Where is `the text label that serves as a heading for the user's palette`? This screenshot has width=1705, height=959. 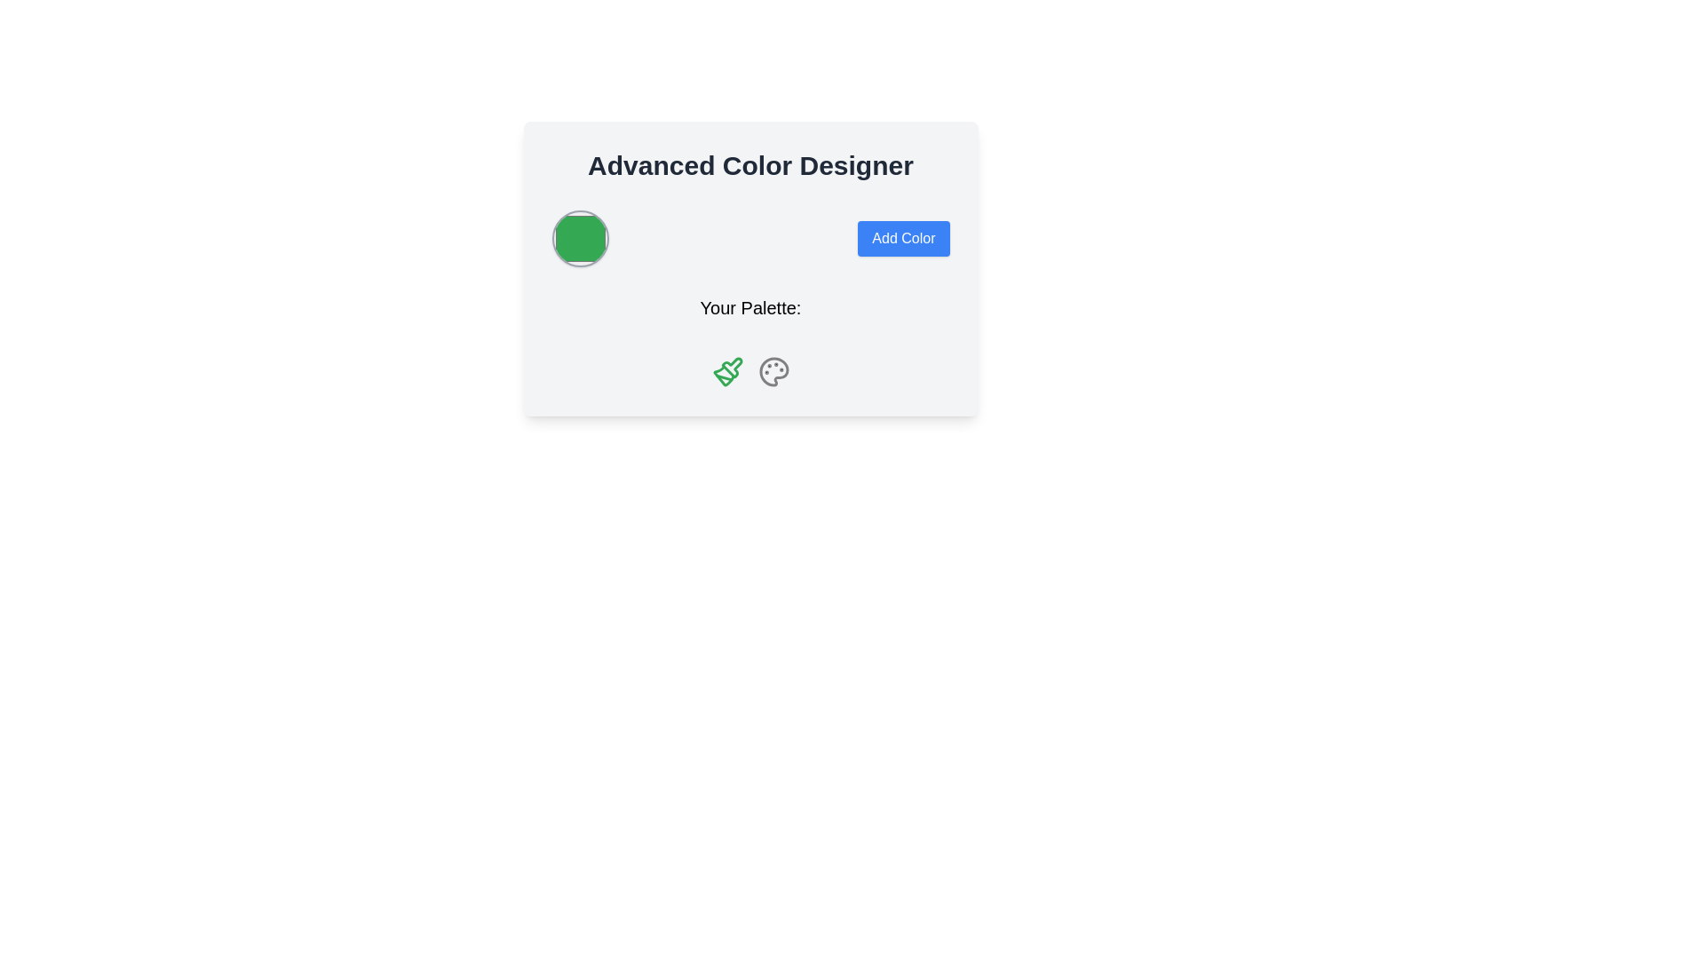
the text label that serves as a heading for the user's palette is located at coordinates (750, 307).